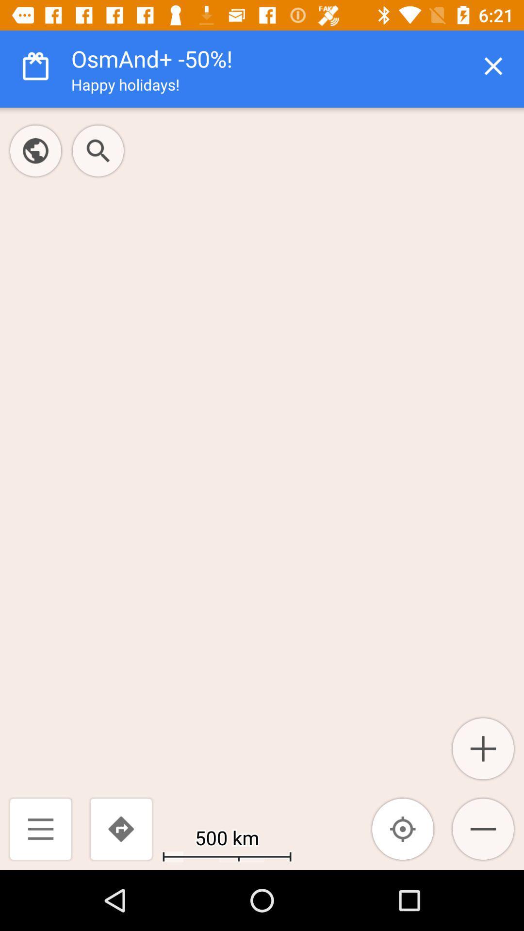 The width and height of the screenshot is (524, 931). Describe the element at coordinates (35, 65) in the screenshot. I see `the gift icon` at that location.